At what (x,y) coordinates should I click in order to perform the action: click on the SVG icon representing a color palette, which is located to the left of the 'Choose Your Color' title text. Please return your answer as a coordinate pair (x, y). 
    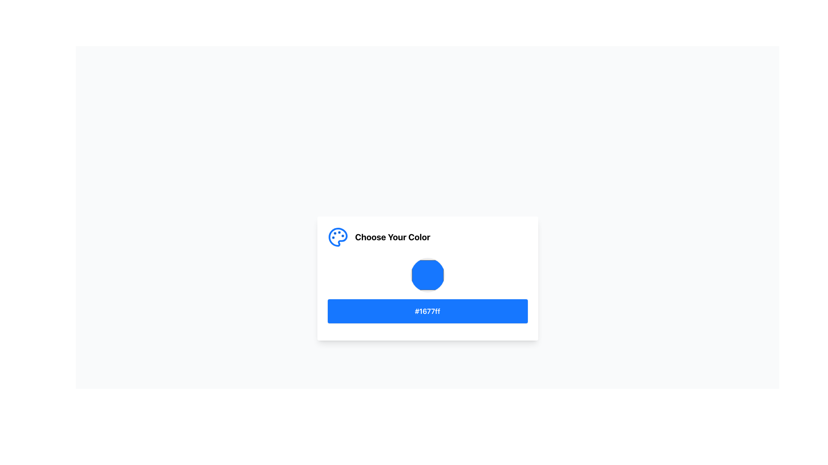
    Looking at the image, I should click on (337, 237).